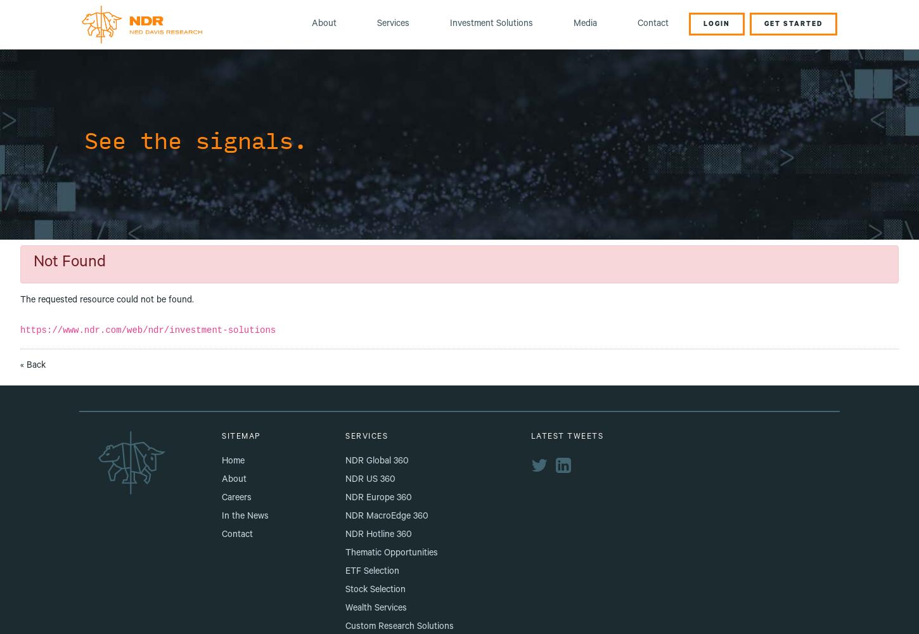 The image size is (919, 634). Describe the element at coordinates (195, 141) in the screenshot. I see `'See the signals.'` at that location.